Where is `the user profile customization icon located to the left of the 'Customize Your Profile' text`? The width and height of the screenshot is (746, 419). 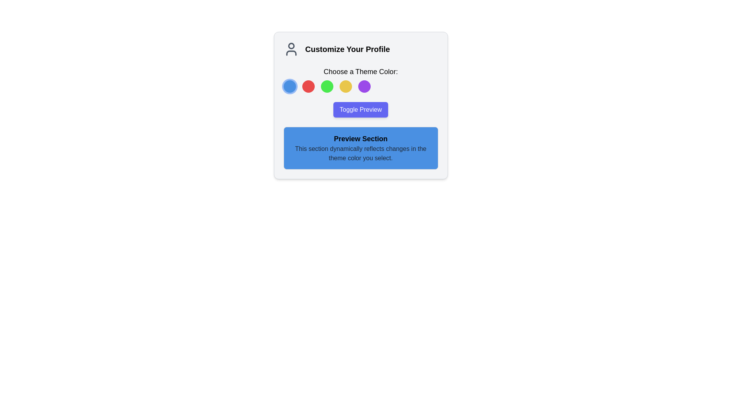
the user profile customization icon located to the left of the 'Customize Your Profile' text is located at coordinates (291, 49).